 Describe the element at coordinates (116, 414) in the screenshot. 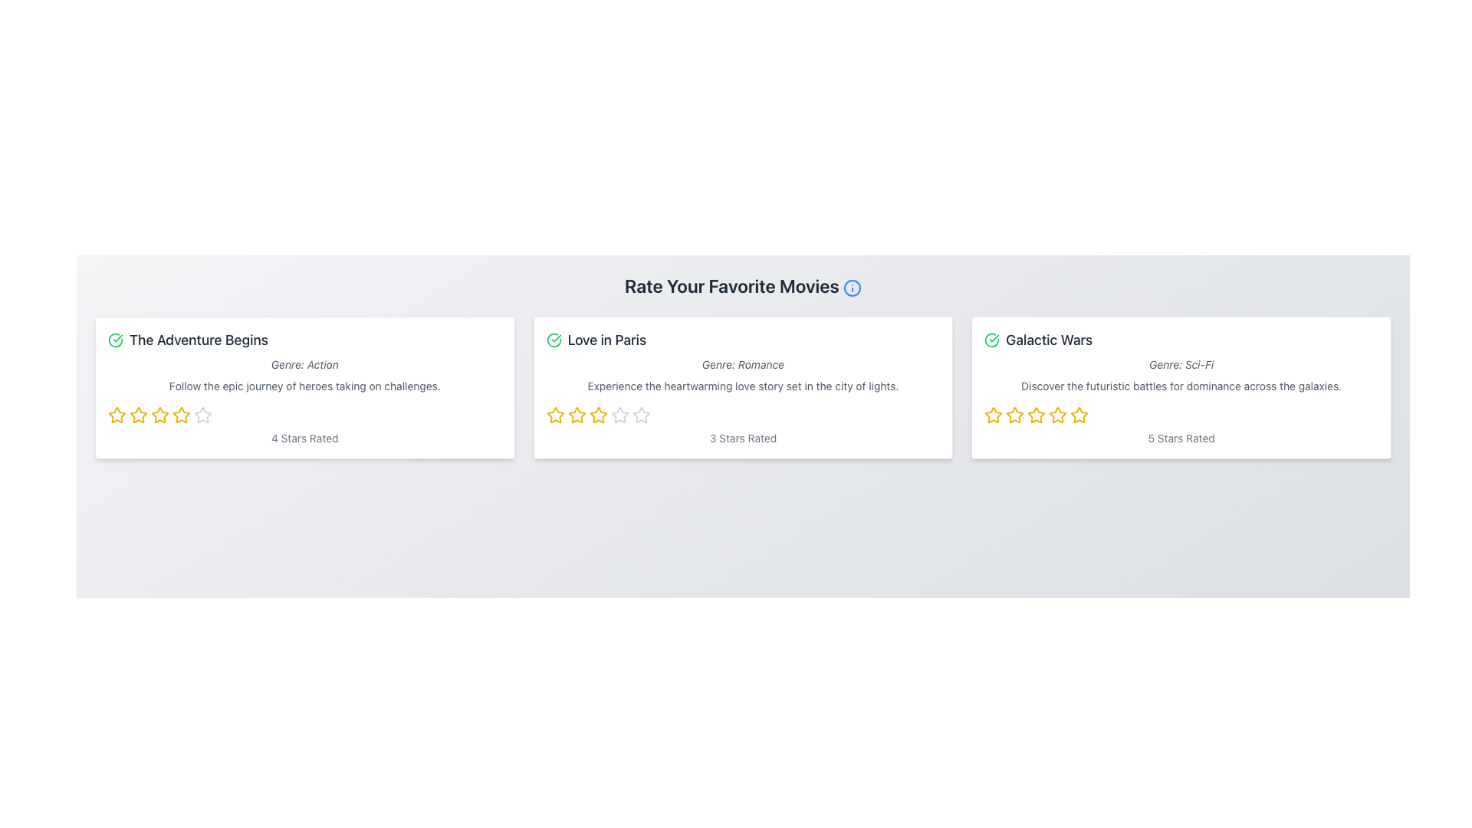

I see `the first star icon of the rating component for the movie 'The Adventure Begins' to provide a rating` at that location.